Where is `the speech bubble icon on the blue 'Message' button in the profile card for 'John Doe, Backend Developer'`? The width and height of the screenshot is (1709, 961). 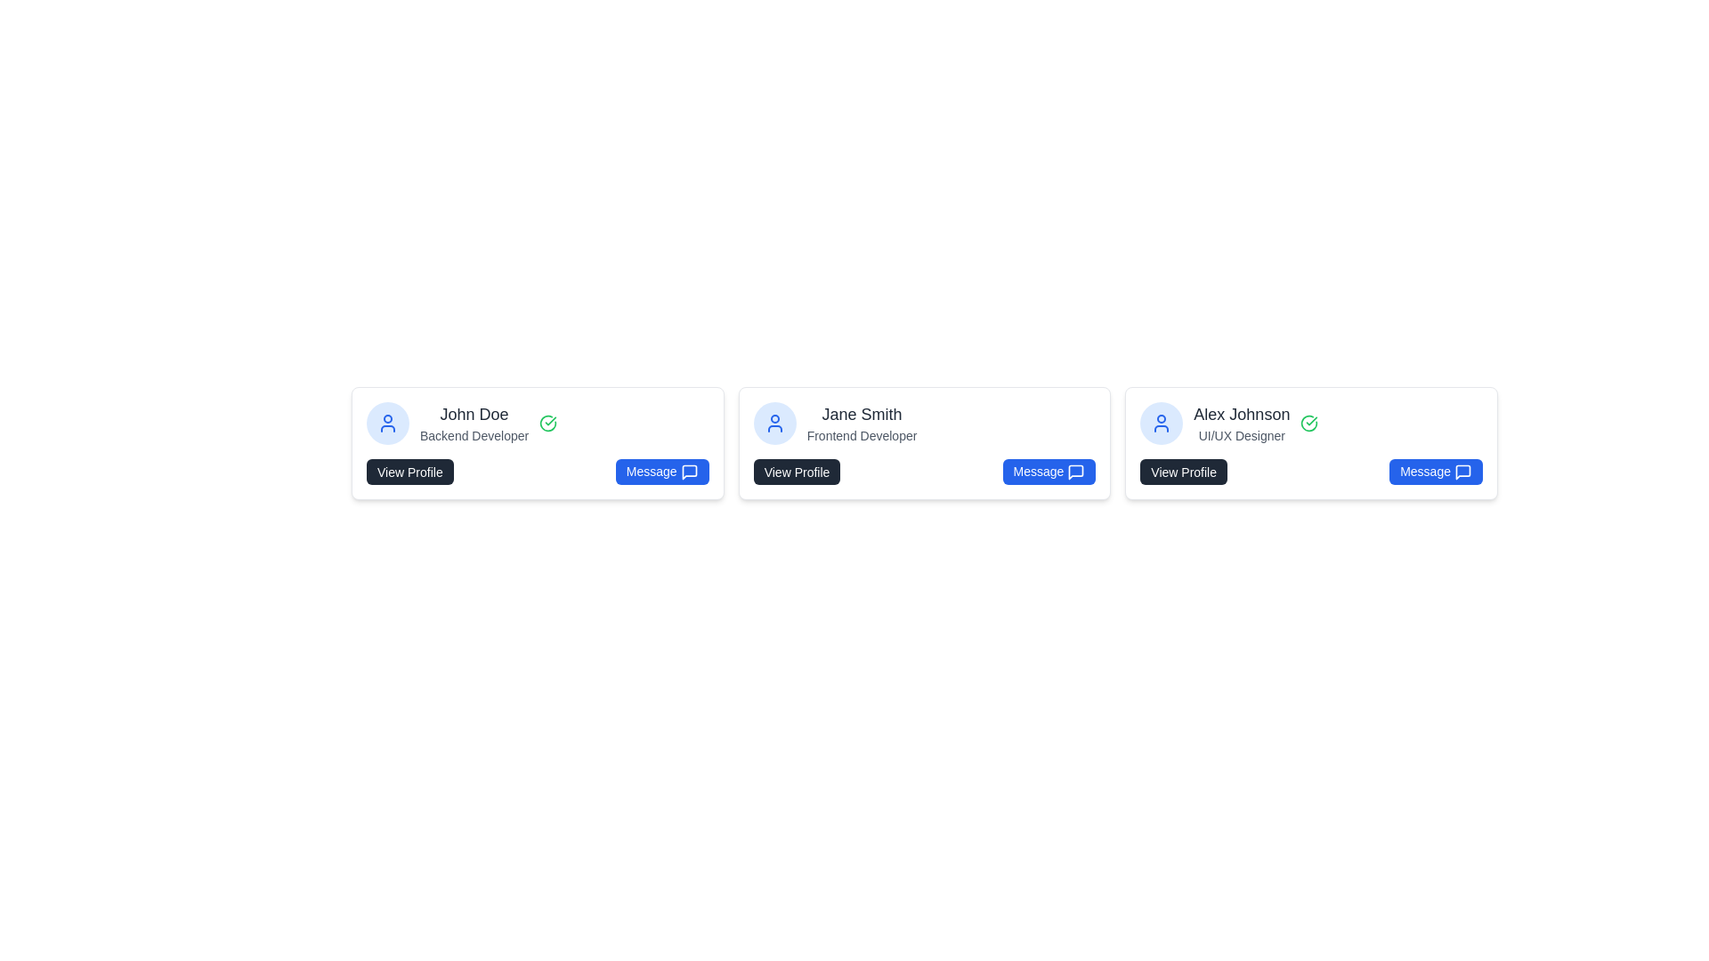
the speech bubble icon on the blue 'Message' button in the profile card for 'John Doe, Backend Developer' is located at coordinates (688, 472).